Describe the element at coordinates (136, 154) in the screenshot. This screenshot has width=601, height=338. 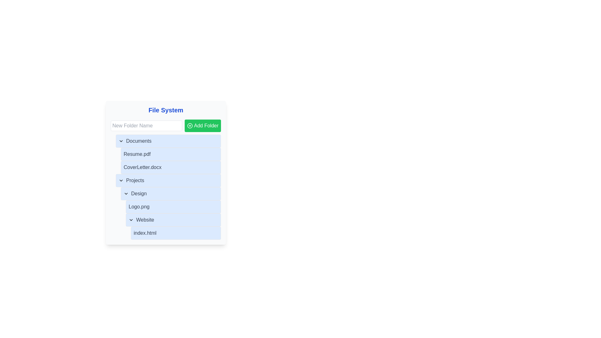
I see `the 'Resume.pdf' text label` at that location.